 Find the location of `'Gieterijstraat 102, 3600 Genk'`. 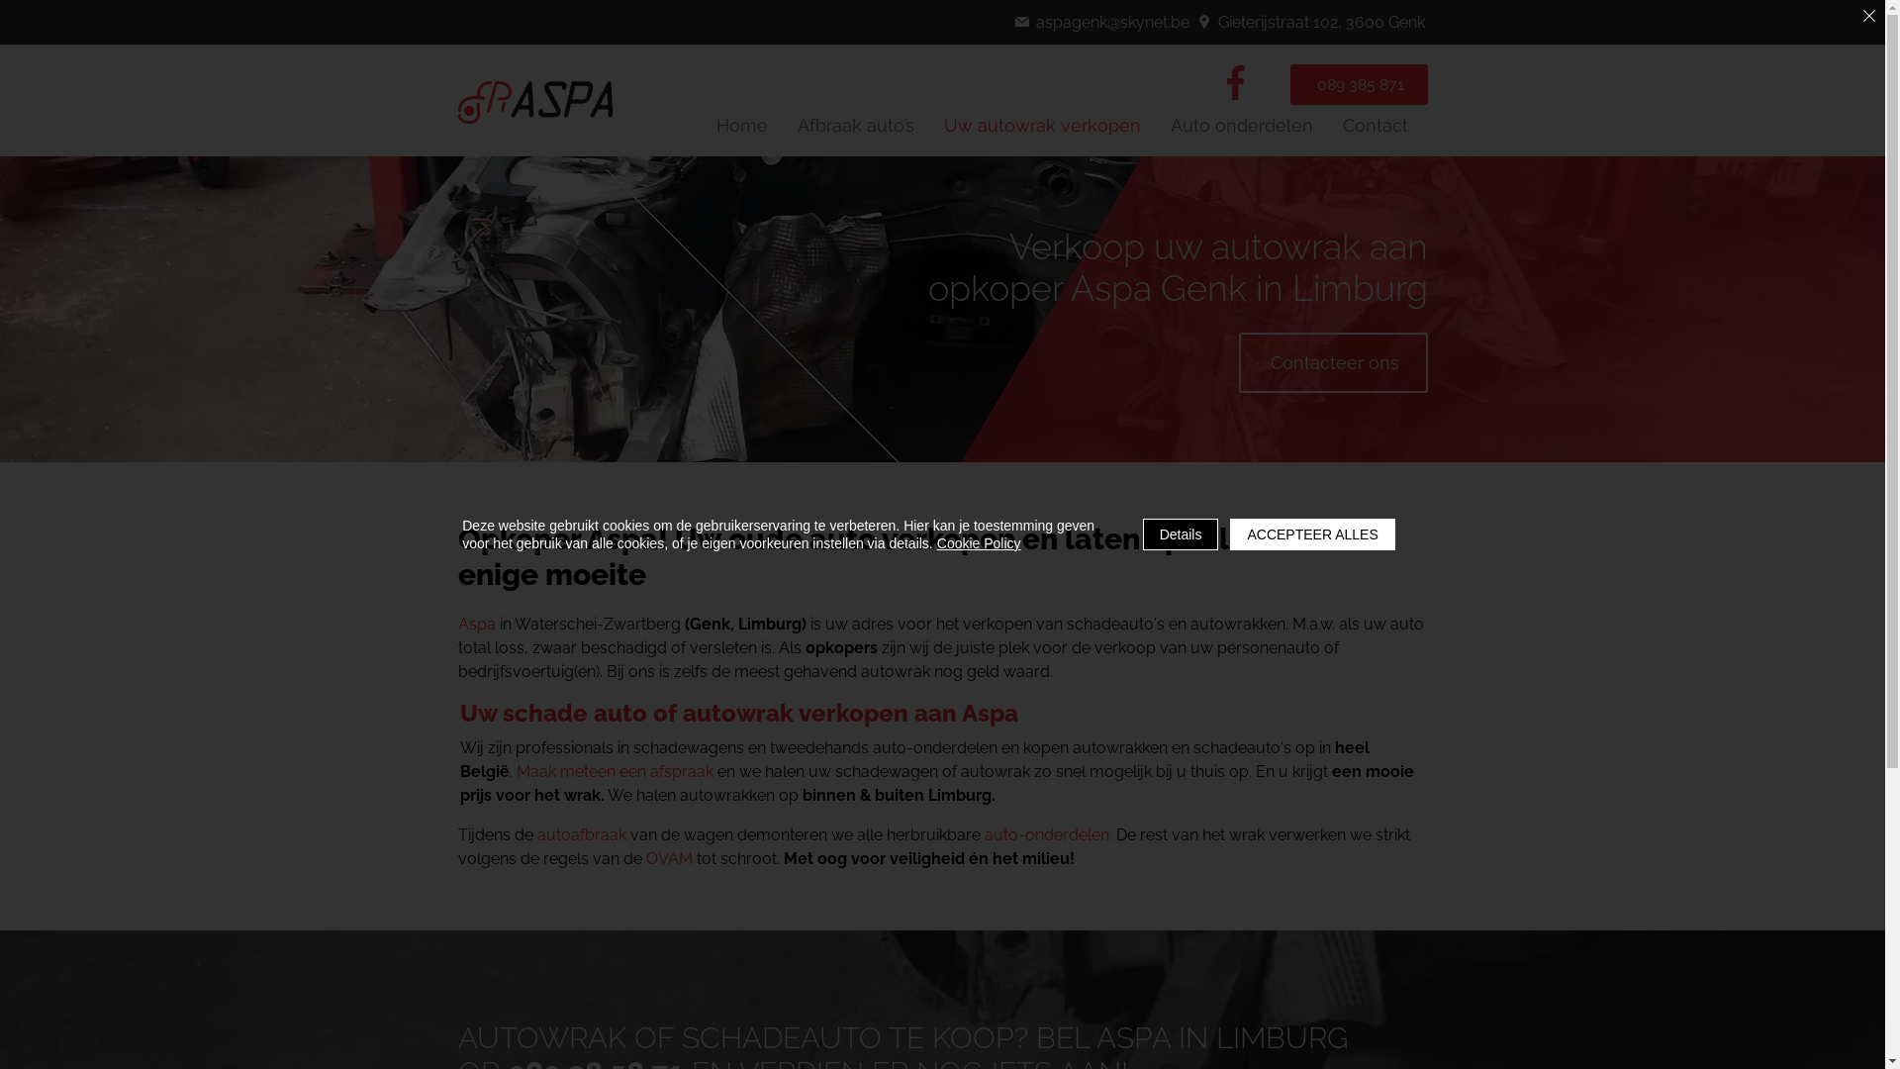

'Gieterijstraat 102, 3600 Genk' is located at coordinates (1195, 22).